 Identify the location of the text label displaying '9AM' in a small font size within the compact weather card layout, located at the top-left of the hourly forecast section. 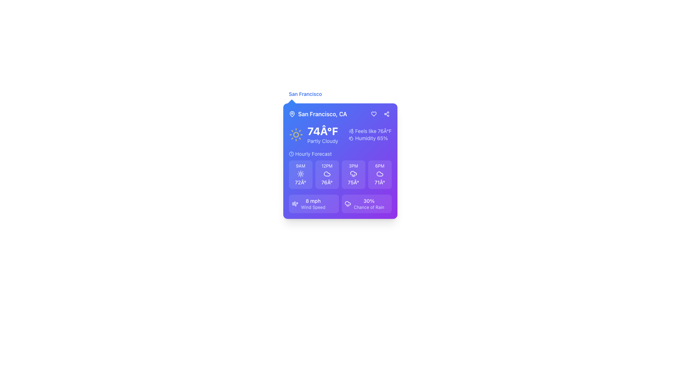
(300, 166).